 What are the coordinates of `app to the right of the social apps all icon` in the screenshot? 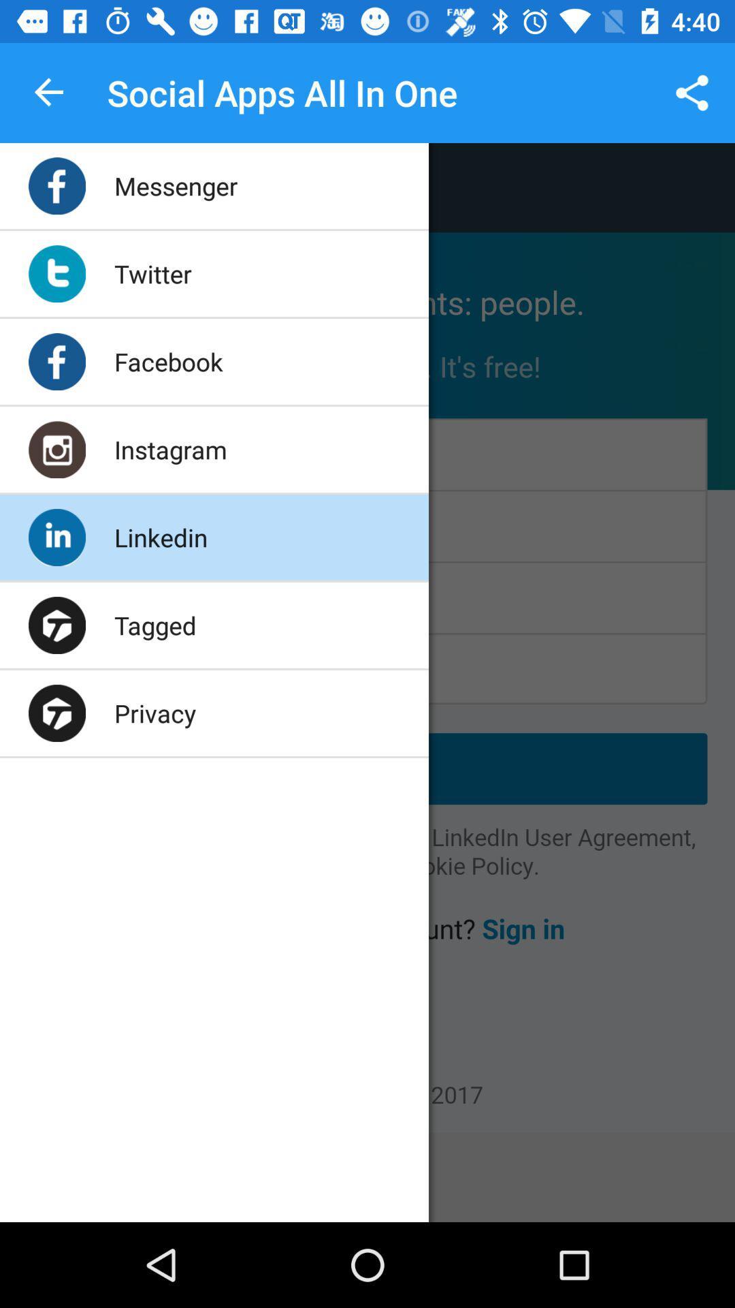 It's located at (692, 92).